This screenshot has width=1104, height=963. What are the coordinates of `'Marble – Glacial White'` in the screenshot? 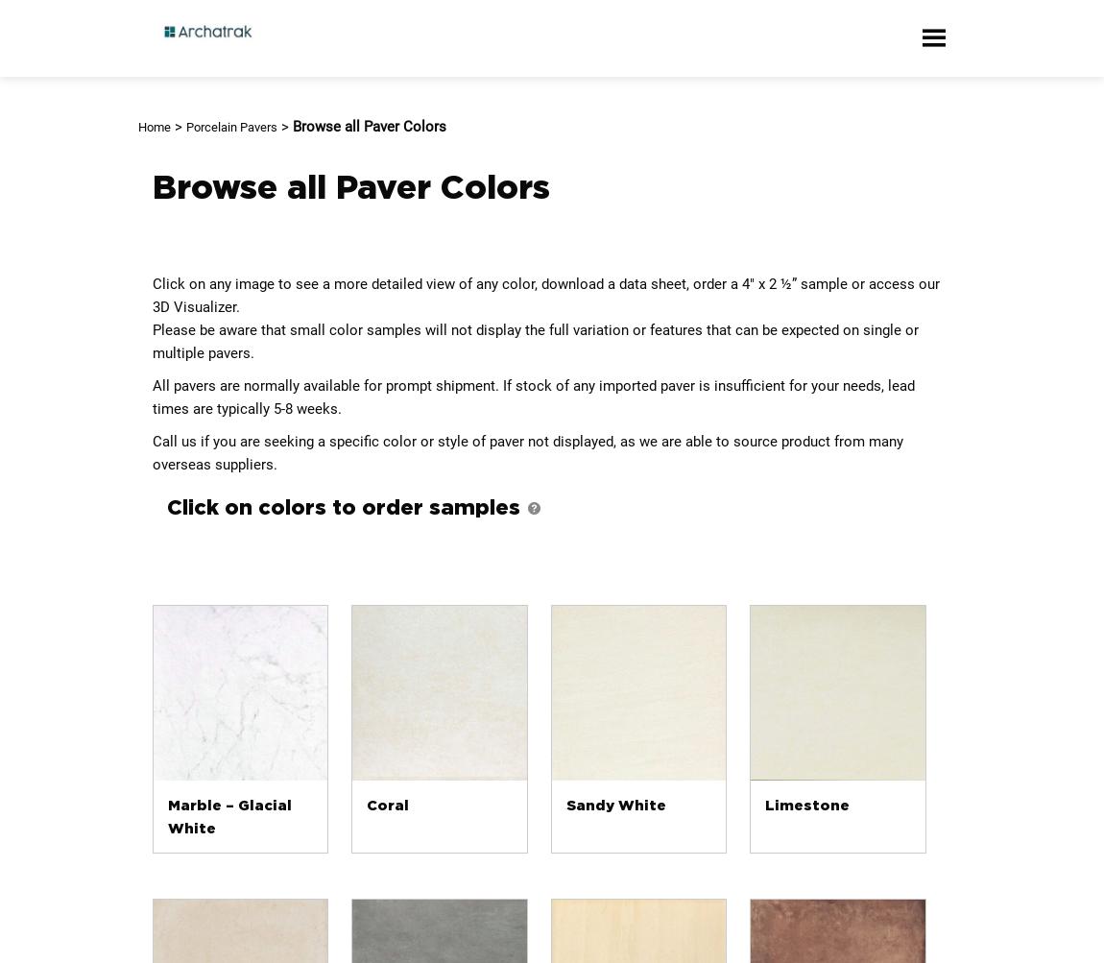 It's located at (228, 816).